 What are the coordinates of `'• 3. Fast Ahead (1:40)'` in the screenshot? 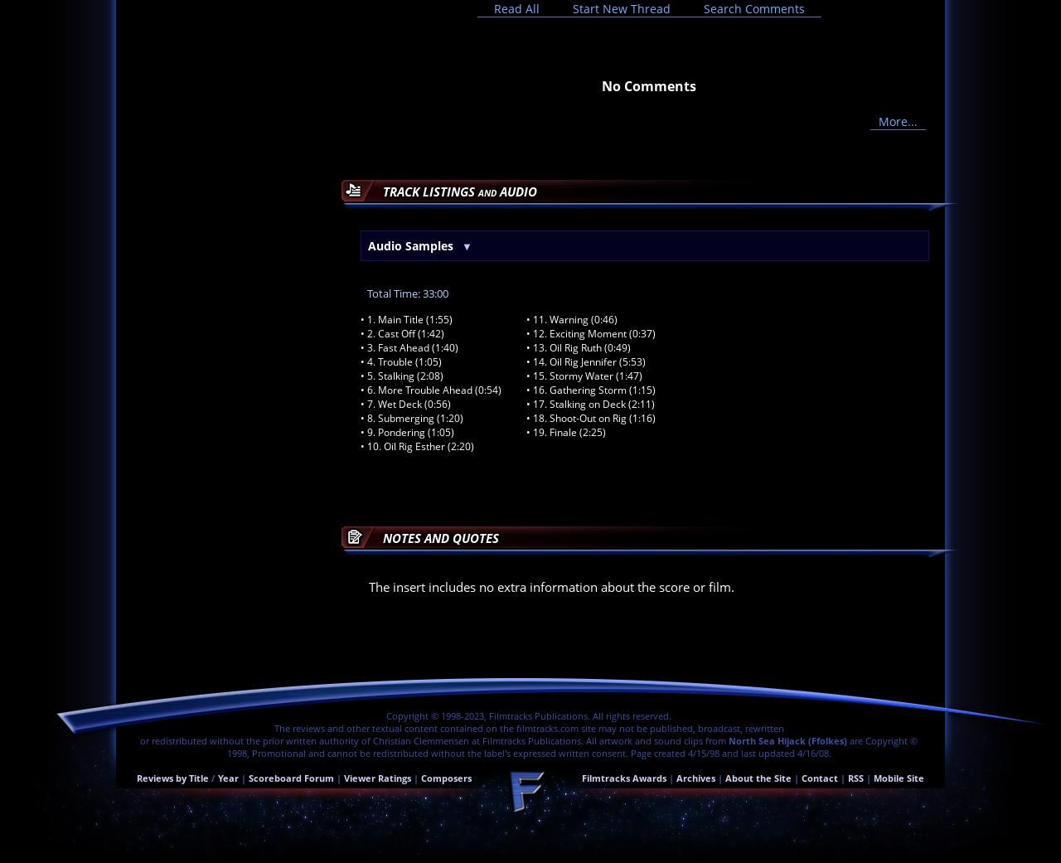 It's located at (359, 347).